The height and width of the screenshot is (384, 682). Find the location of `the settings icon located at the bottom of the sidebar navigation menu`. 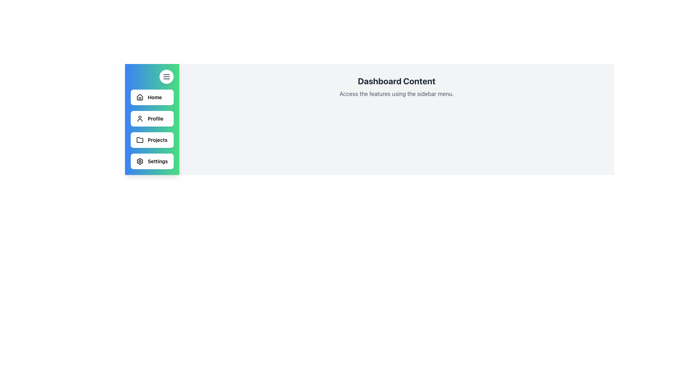

the settings icon located at the bottom of the sidebar navigation menu is located at coordinates (140, 161).